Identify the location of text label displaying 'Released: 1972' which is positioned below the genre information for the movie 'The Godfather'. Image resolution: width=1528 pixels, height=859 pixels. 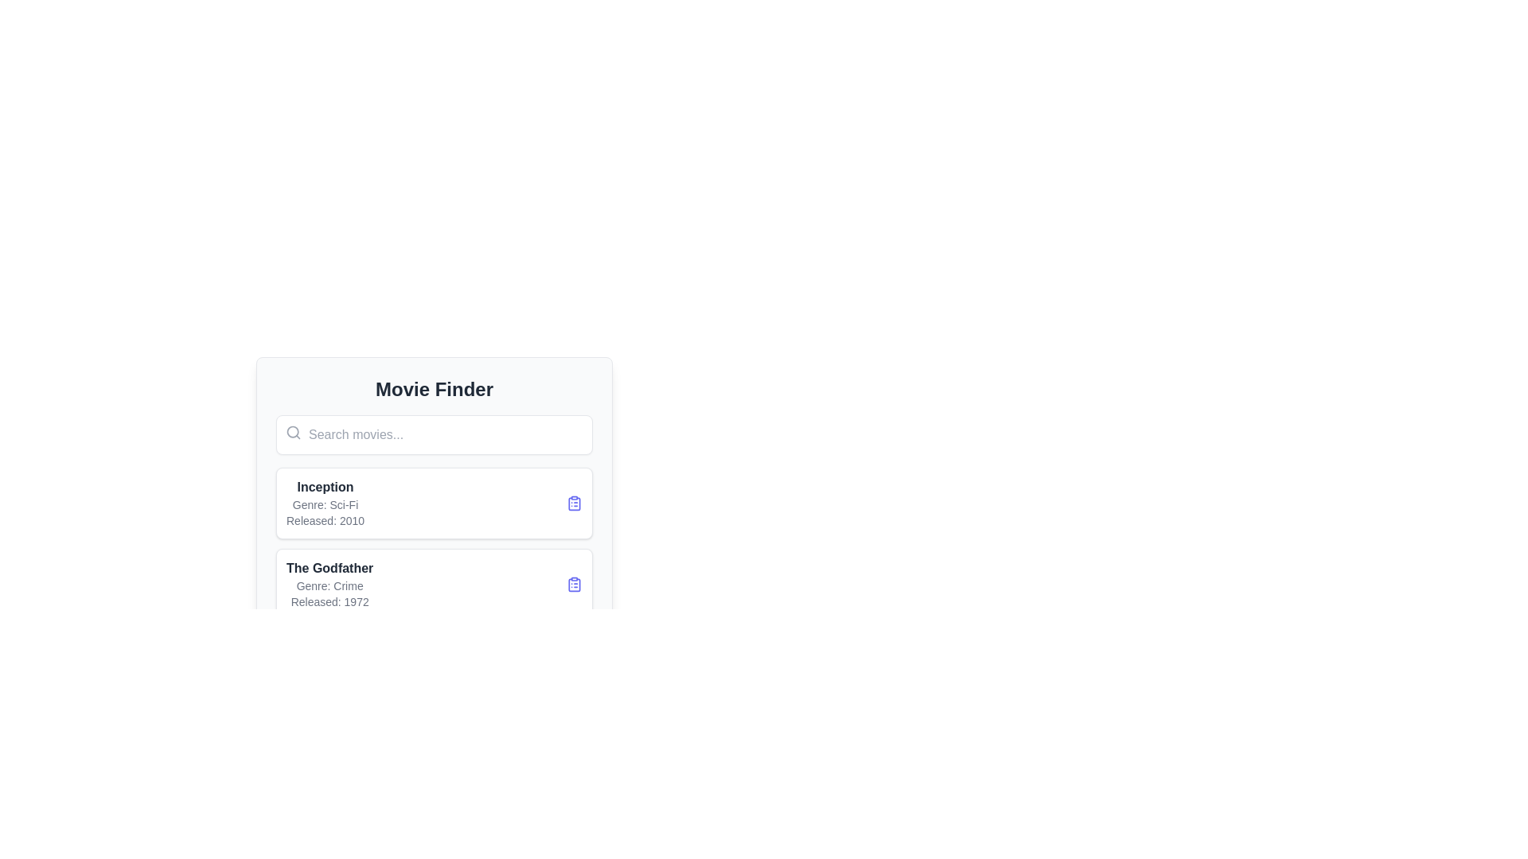
(329, 601).